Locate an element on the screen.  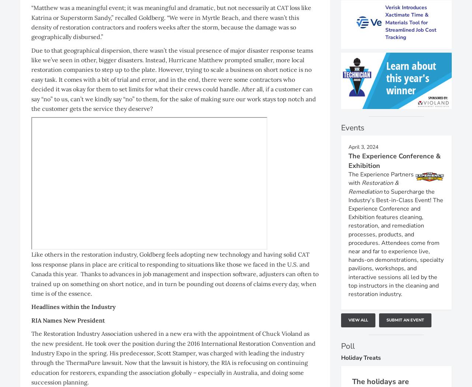
'Holiday' is located at coordinates (352, 358).